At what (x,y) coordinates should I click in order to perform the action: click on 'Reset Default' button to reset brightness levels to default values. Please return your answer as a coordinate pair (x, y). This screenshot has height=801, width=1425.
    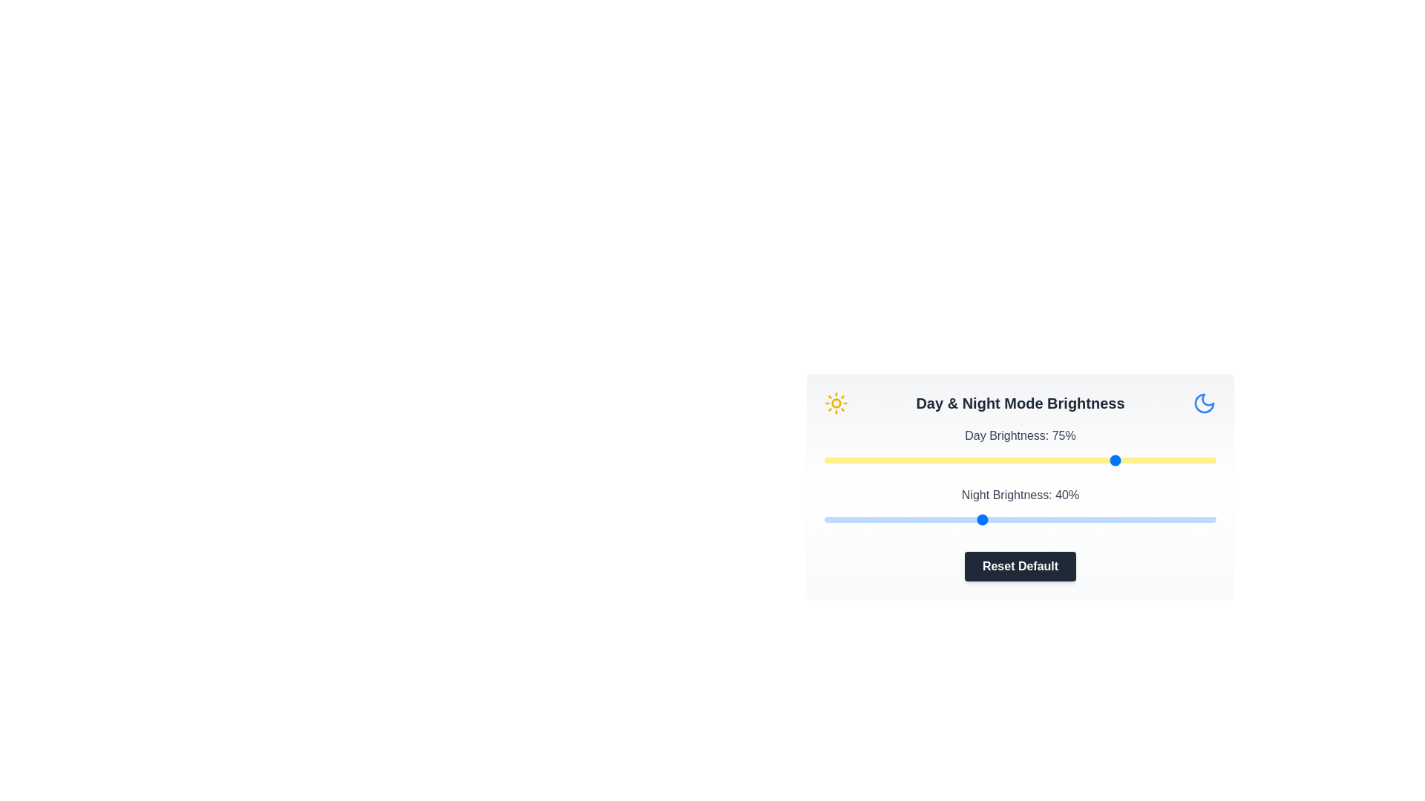
    Looking at the image, I should click on (1019, 566).